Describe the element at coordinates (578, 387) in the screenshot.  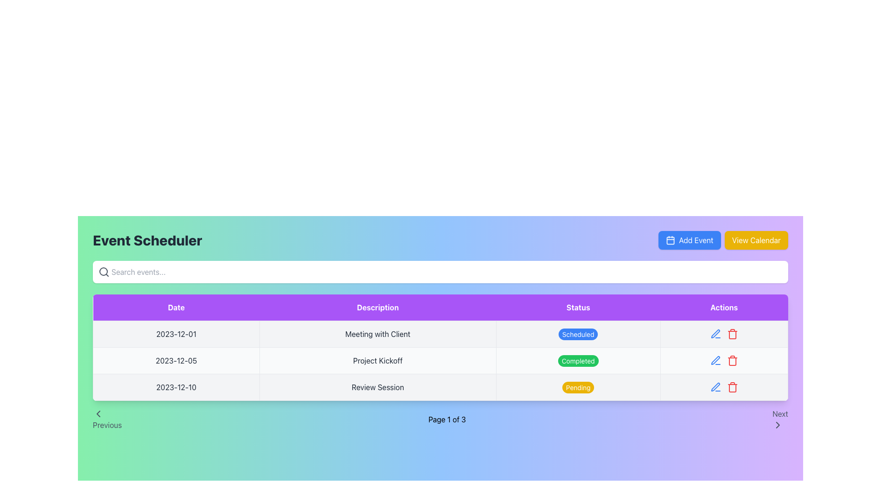
I see `the 'Pending' status indicator button with a yellow background in the 'Status' column of the third row, which is associated with the event 'Review Session'` at that location.